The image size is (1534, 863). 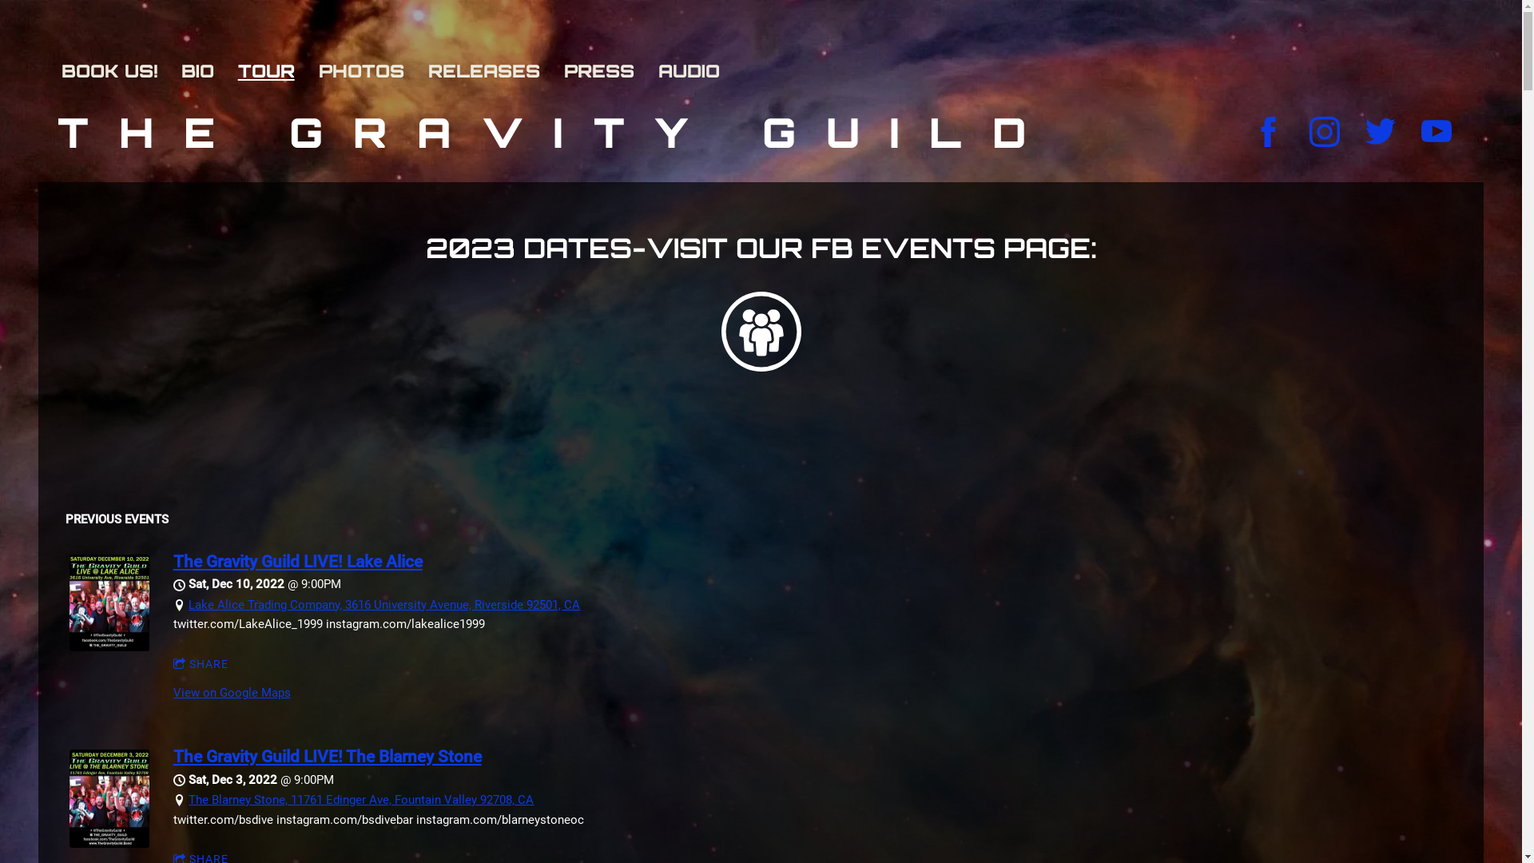 What do you see at coordinates (117, 70) in the screenshot?
I see `'BOOK US!'` at bounding box center [117, 70].